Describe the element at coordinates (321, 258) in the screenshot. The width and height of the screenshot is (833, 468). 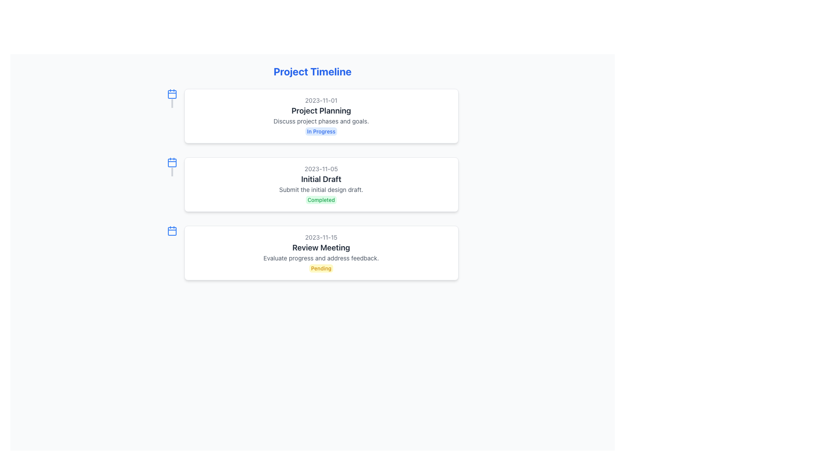
I see `the text element providing details about the 'Review Meeting' event, located centrally beneath the bold 'Review Meeting' text and above the 'Pending' badge` at that location.